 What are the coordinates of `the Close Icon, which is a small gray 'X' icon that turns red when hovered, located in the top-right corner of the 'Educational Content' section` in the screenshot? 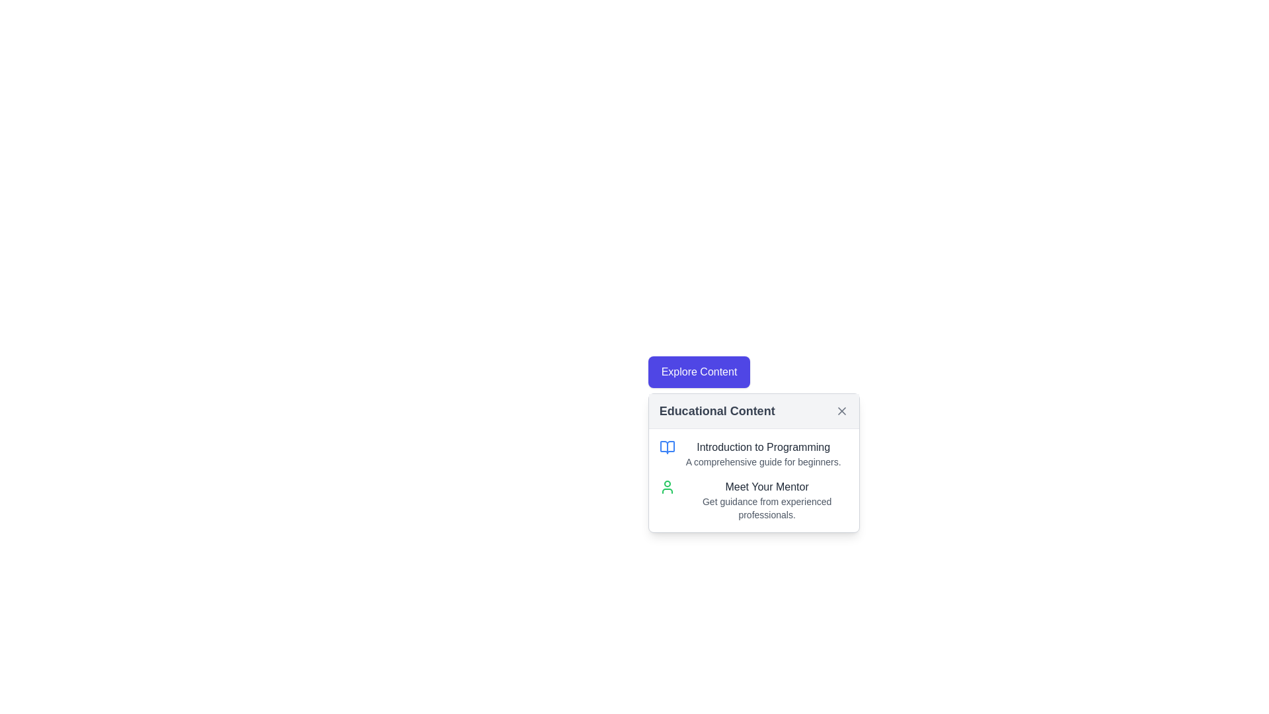 It's located at (841, 410).